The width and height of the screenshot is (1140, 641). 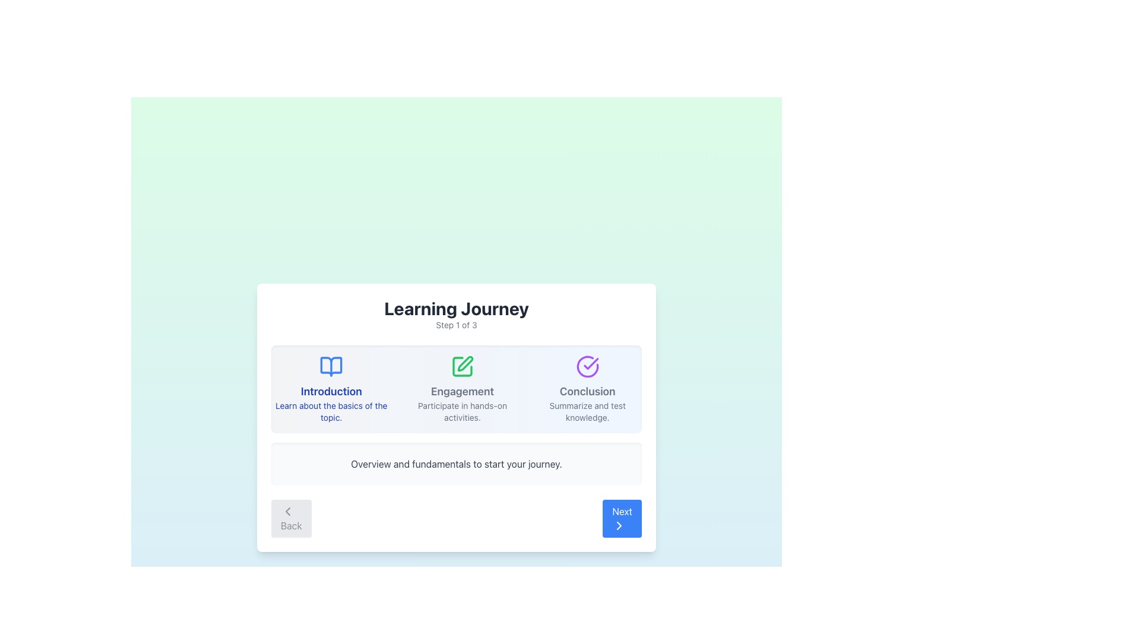 What do you see at coordinates (331, 391) in the screenshot?
I see `text label that says 'Introduction', which is styled in large, bold blue font and positioned below a blue book icon in the left-most card of a horizontal row` at bounding box center [331, 391].